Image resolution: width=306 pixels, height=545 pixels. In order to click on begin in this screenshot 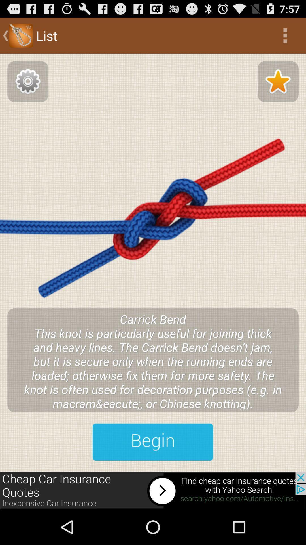, I will do `click(152, 442)`.